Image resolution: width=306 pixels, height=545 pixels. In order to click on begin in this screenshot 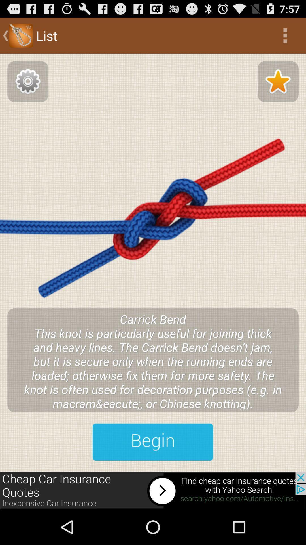, I will do `click(152, 442)`.